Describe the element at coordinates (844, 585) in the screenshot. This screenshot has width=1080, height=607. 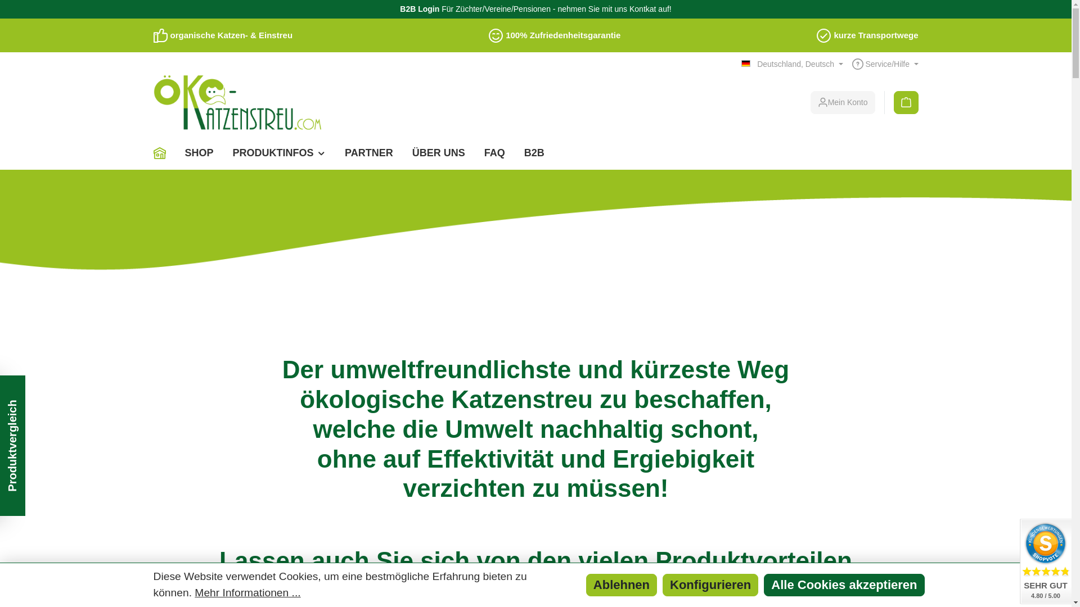
I see `'Alle Cookies akzeptieren'` at that location.